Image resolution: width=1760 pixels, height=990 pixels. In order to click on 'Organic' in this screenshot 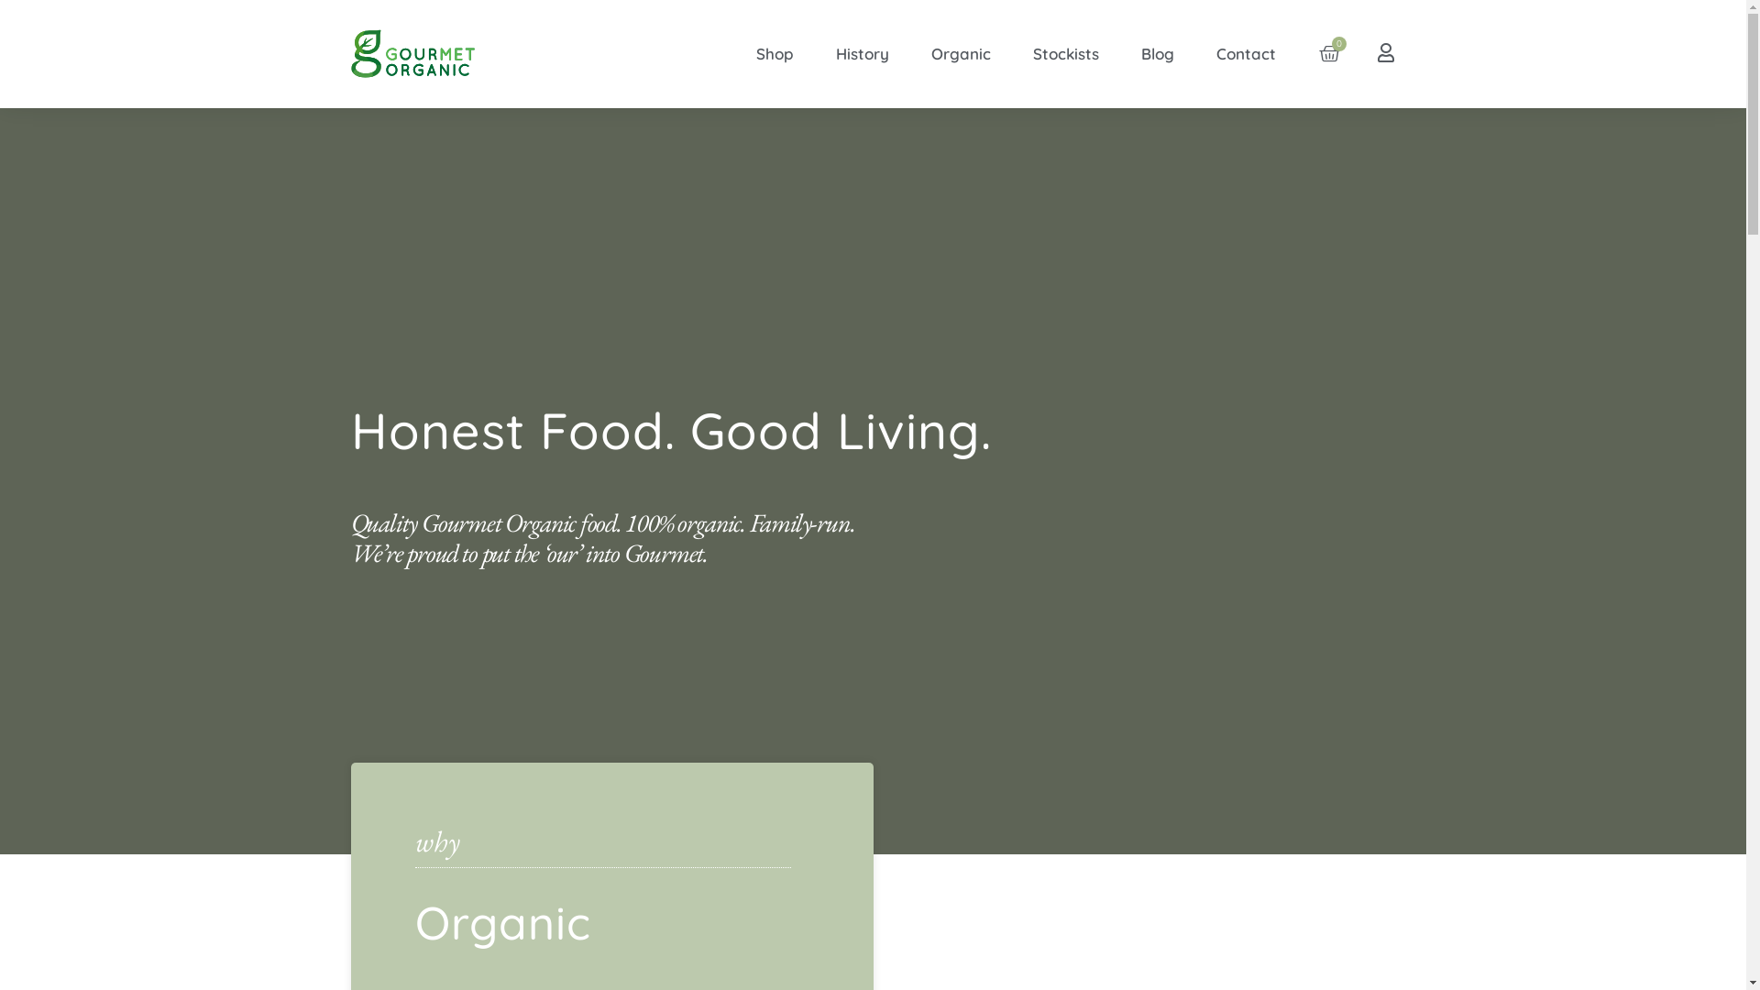, I will do `click(960, 52)`.